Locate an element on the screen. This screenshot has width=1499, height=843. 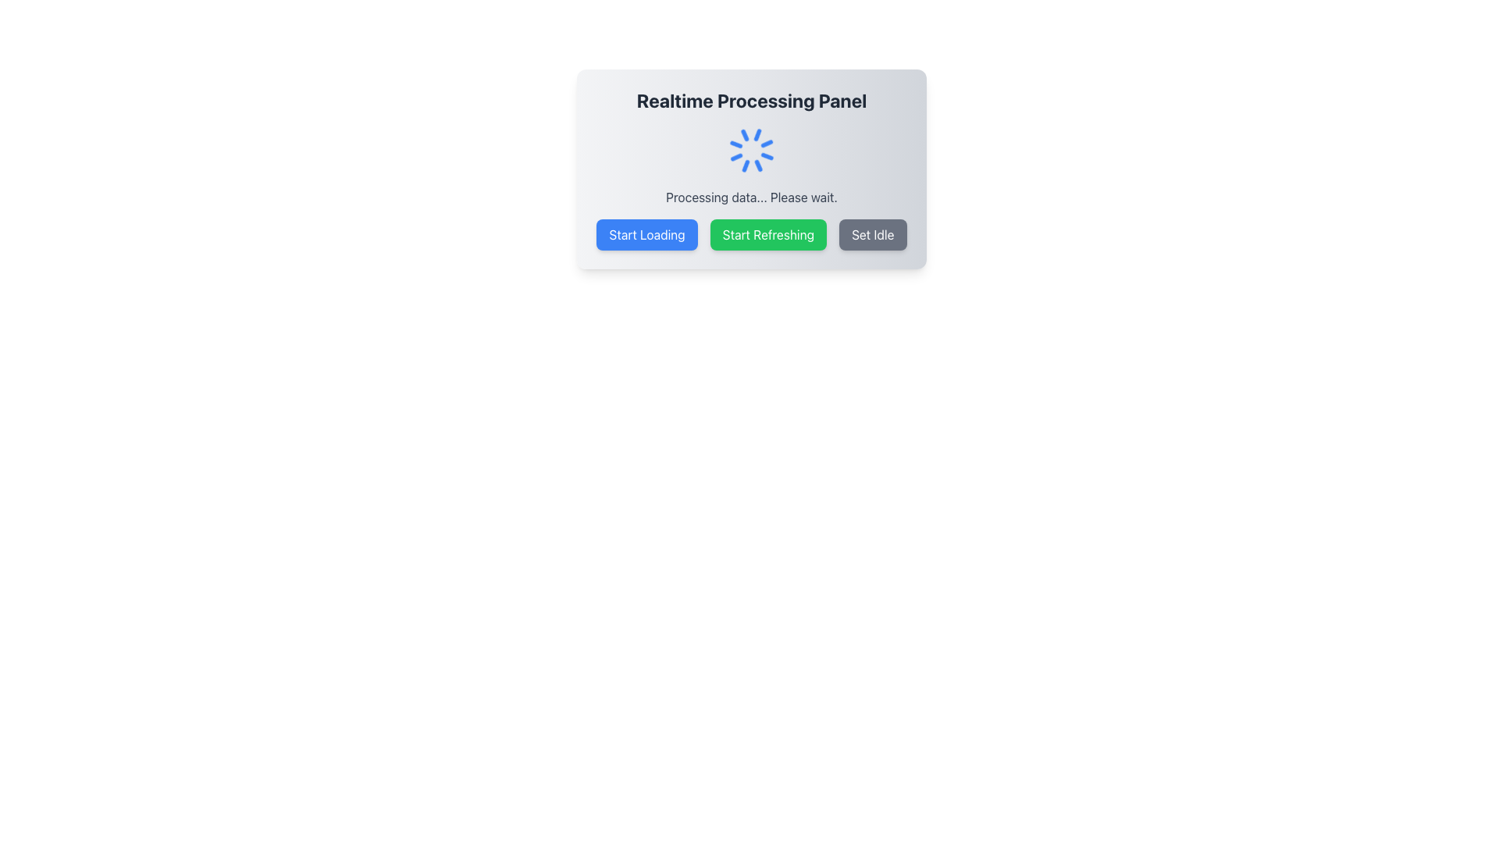
the Spinner Segment located in the upper right quadrant of the spinner element, which indicates activity or processing state is located at coordinates (767, 158).